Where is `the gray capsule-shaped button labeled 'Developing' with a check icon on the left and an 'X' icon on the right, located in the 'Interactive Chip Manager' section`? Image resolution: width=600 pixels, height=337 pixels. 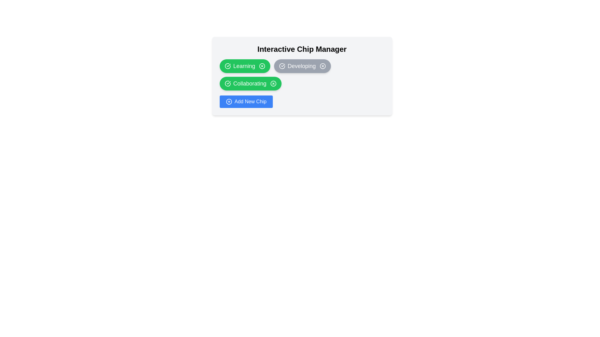 the gray capsule-shaped button labeled 'Developing' with a check icon on the left and an 'X' icon on the right, located in the 'Interactive Chip Manager' section is located at coordinates (302, 66).